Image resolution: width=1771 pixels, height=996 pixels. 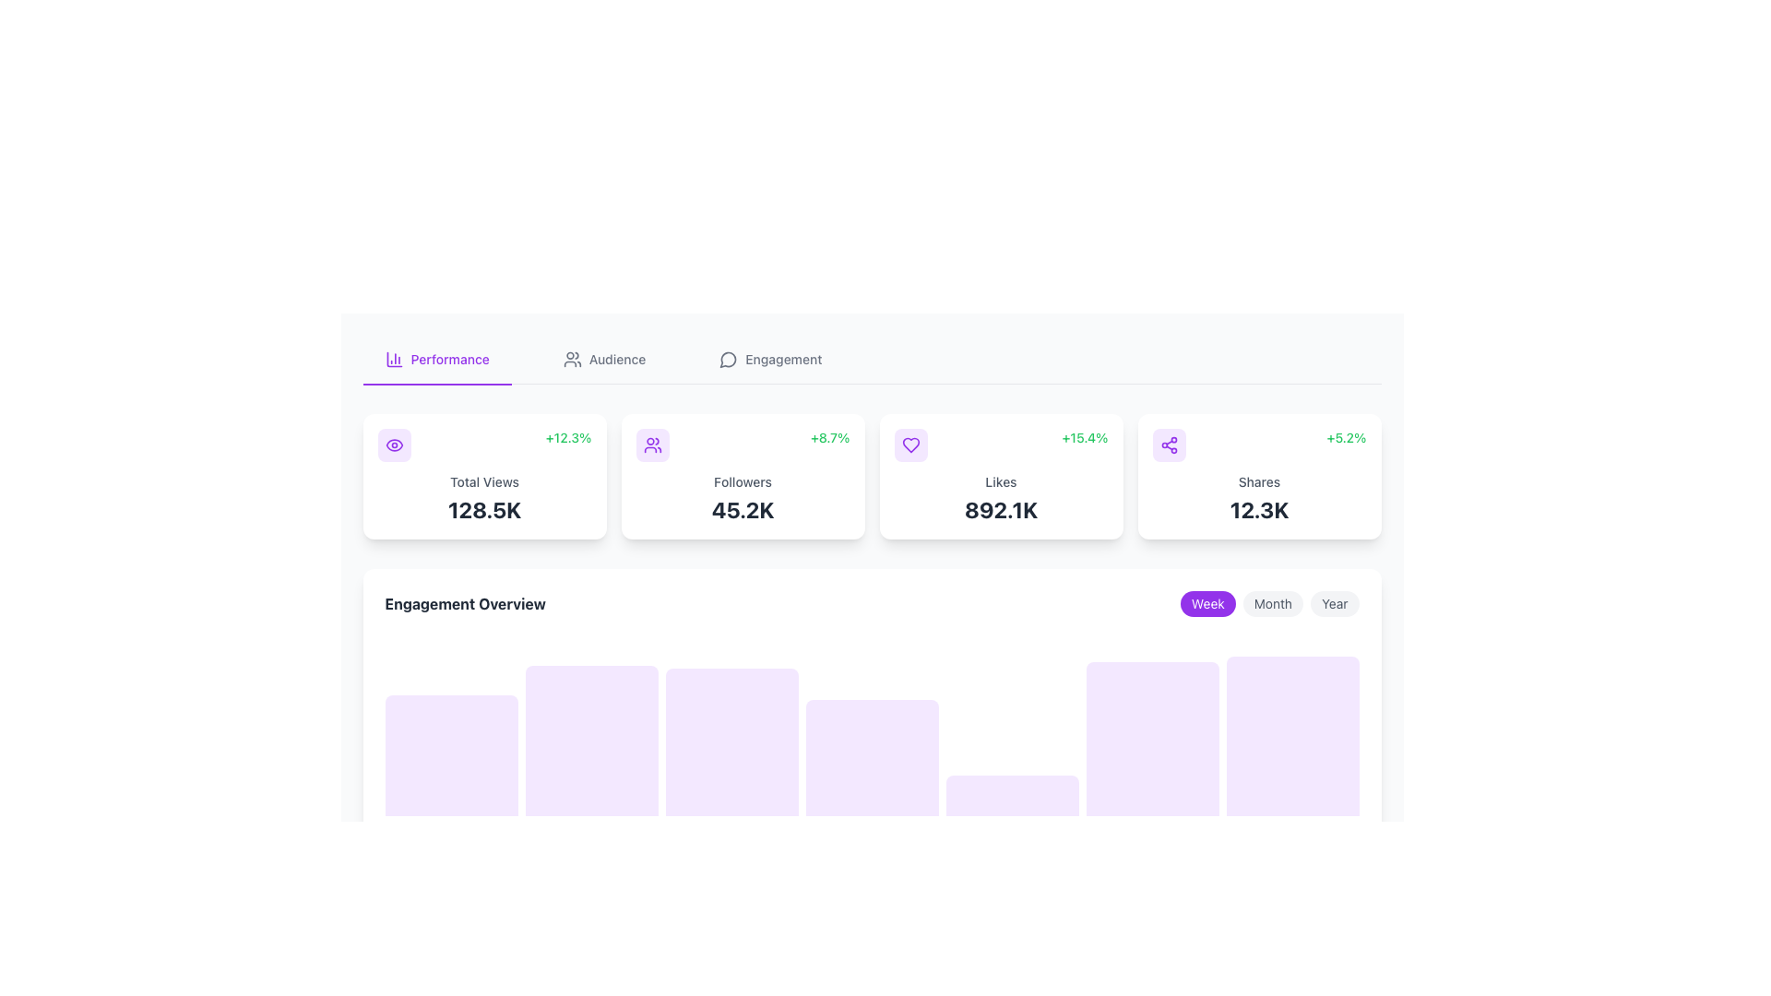 I want to click on the purple eye icon located in the third card under the 'Performance' tab, which is centered within a purple-tinted rounded rectangle, so click(x=393, y=445).